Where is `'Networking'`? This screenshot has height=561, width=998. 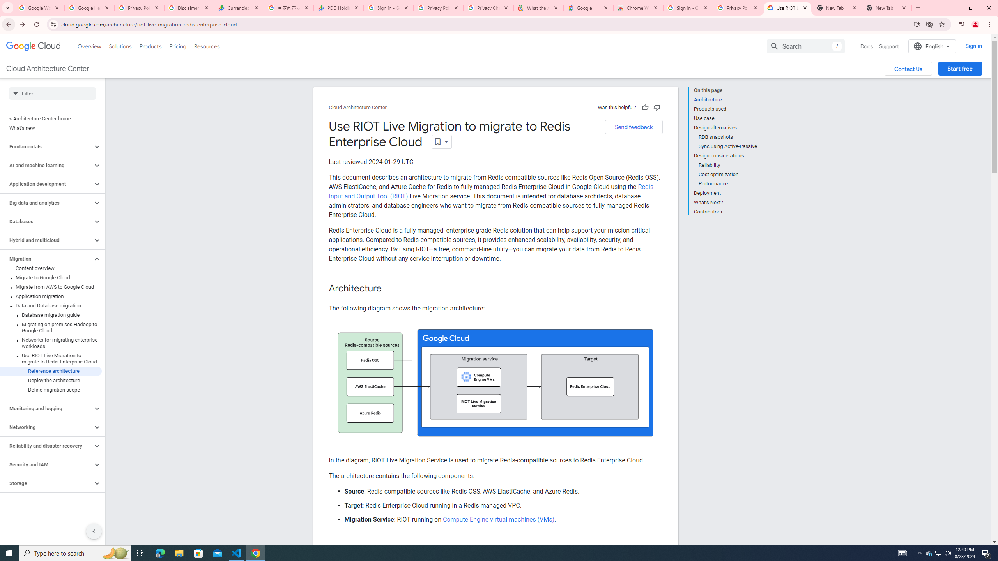 'Networking' is located at coordinates (46, 427).